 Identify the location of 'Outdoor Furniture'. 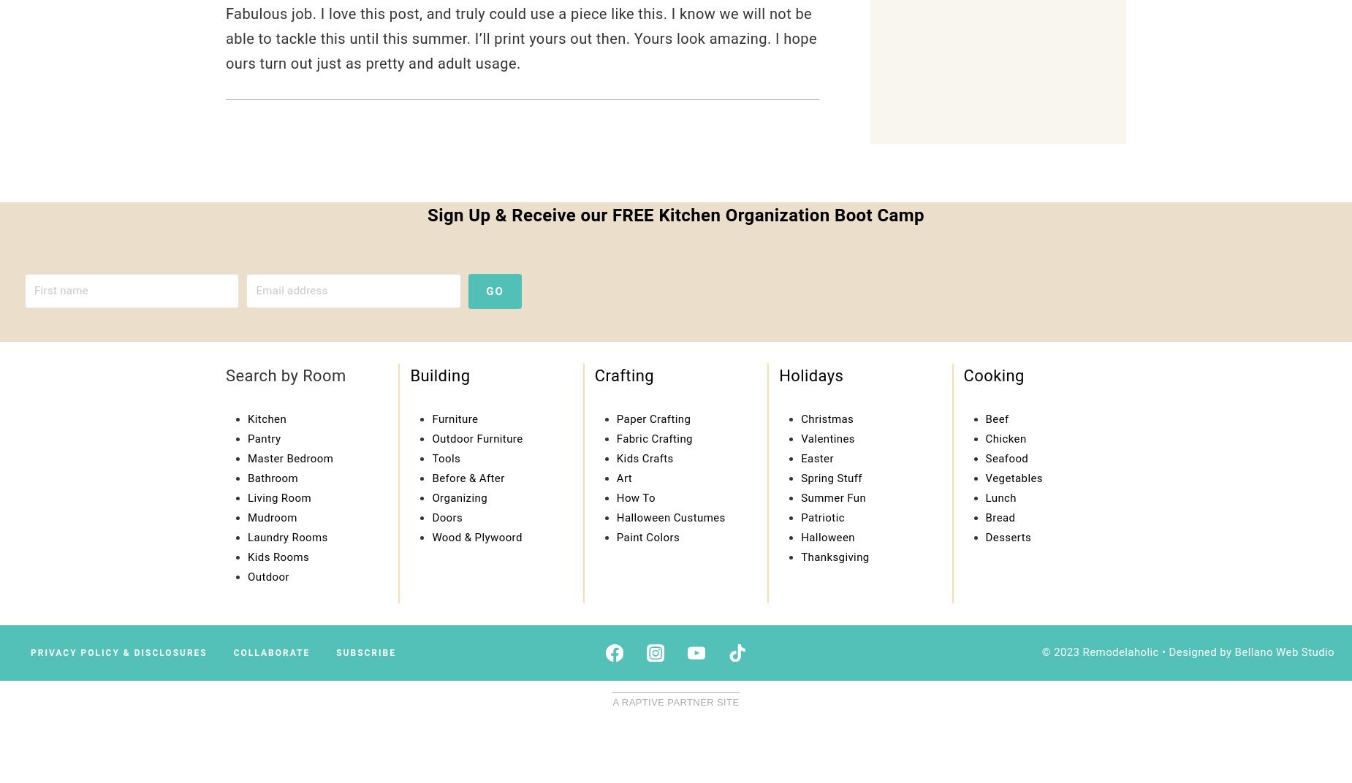
(477, 437).